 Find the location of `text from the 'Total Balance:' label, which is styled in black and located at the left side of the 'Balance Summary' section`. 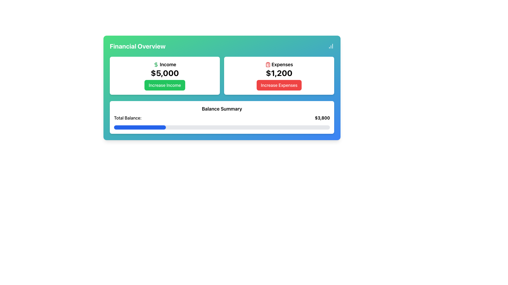

text from the 'Total Balance:' label, which is styled in black and located at the left side of the 'Balance Summary' section is located at coordinates (128, 118).